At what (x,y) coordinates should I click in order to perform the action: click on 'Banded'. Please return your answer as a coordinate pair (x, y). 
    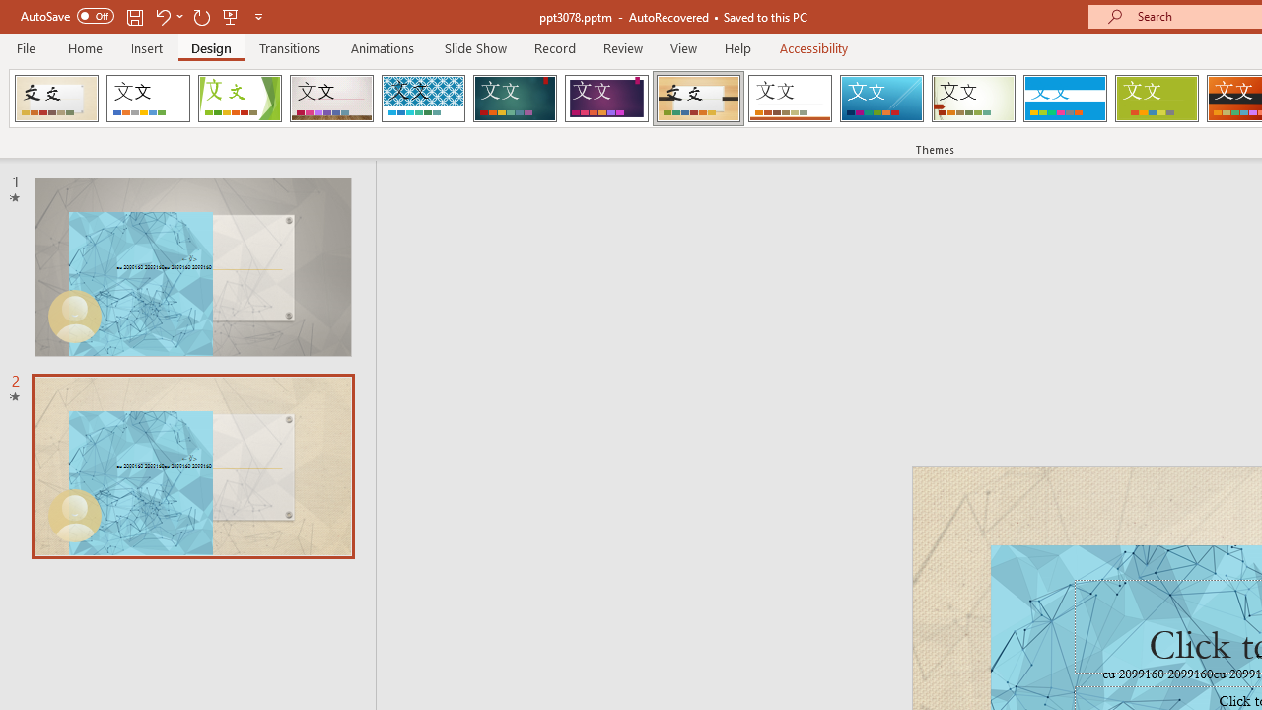
    Looking at the image, I should click on (1064, 99).